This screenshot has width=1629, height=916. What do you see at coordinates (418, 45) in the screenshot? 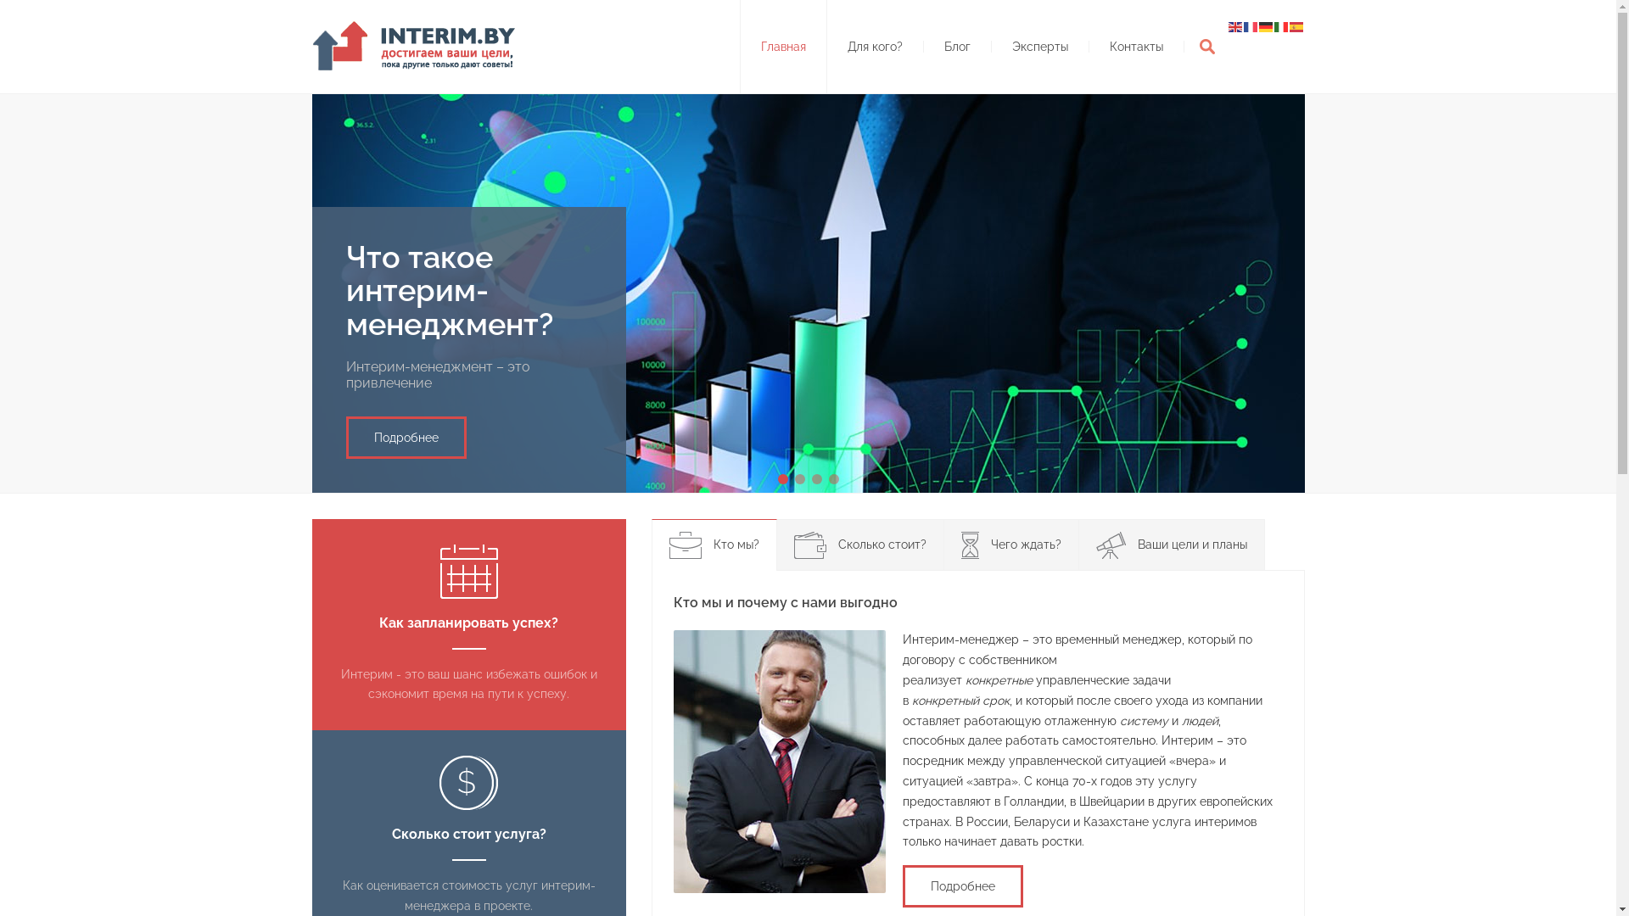
I see `'logo-red image'` at bounding box center [418, 45].